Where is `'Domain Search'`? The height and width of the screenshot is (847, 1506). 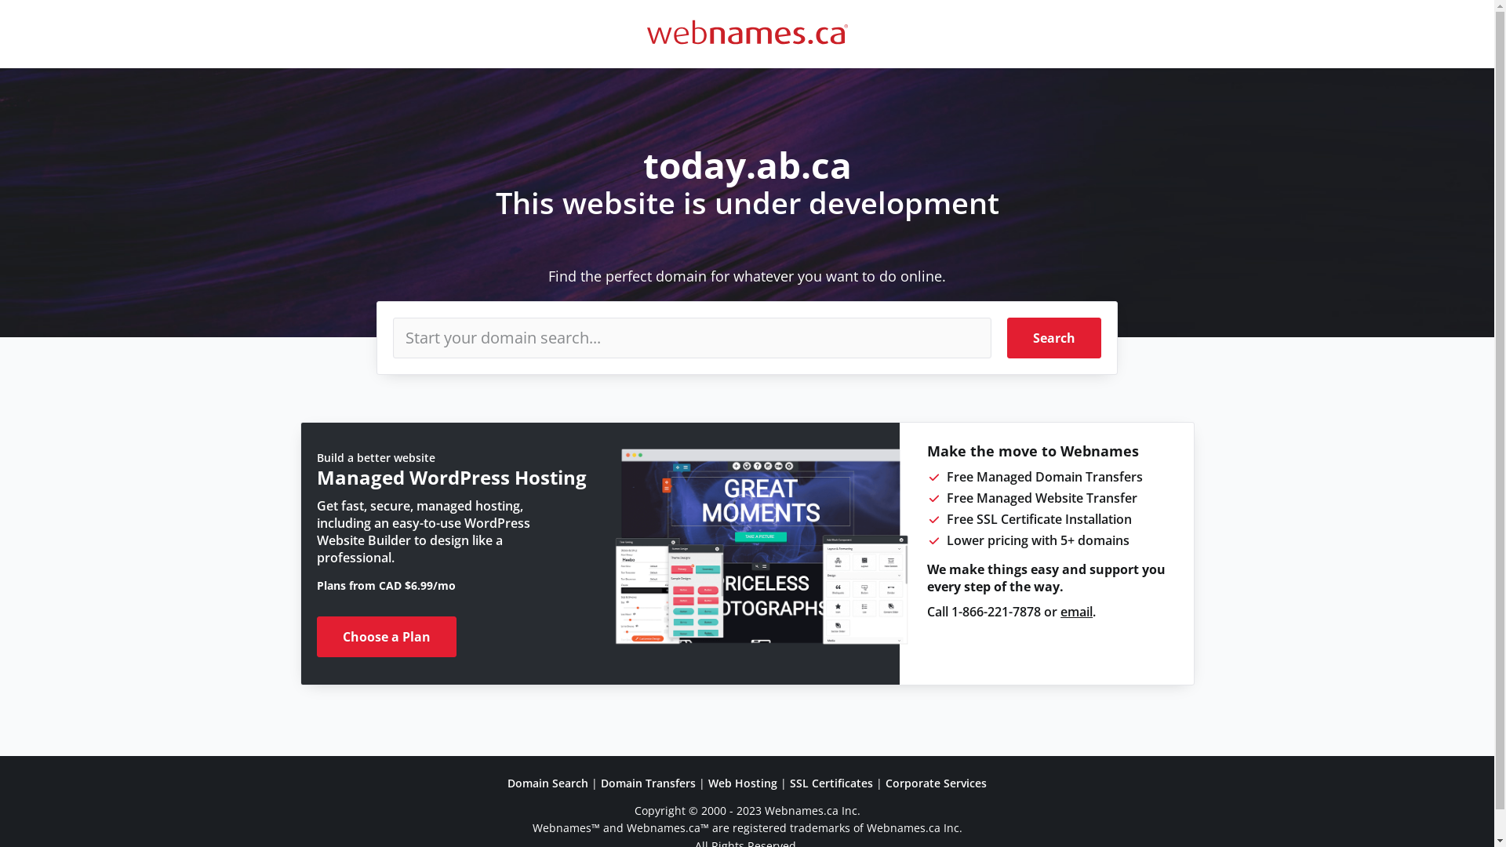 'Domain Search' is located at coordinates (547, 783).